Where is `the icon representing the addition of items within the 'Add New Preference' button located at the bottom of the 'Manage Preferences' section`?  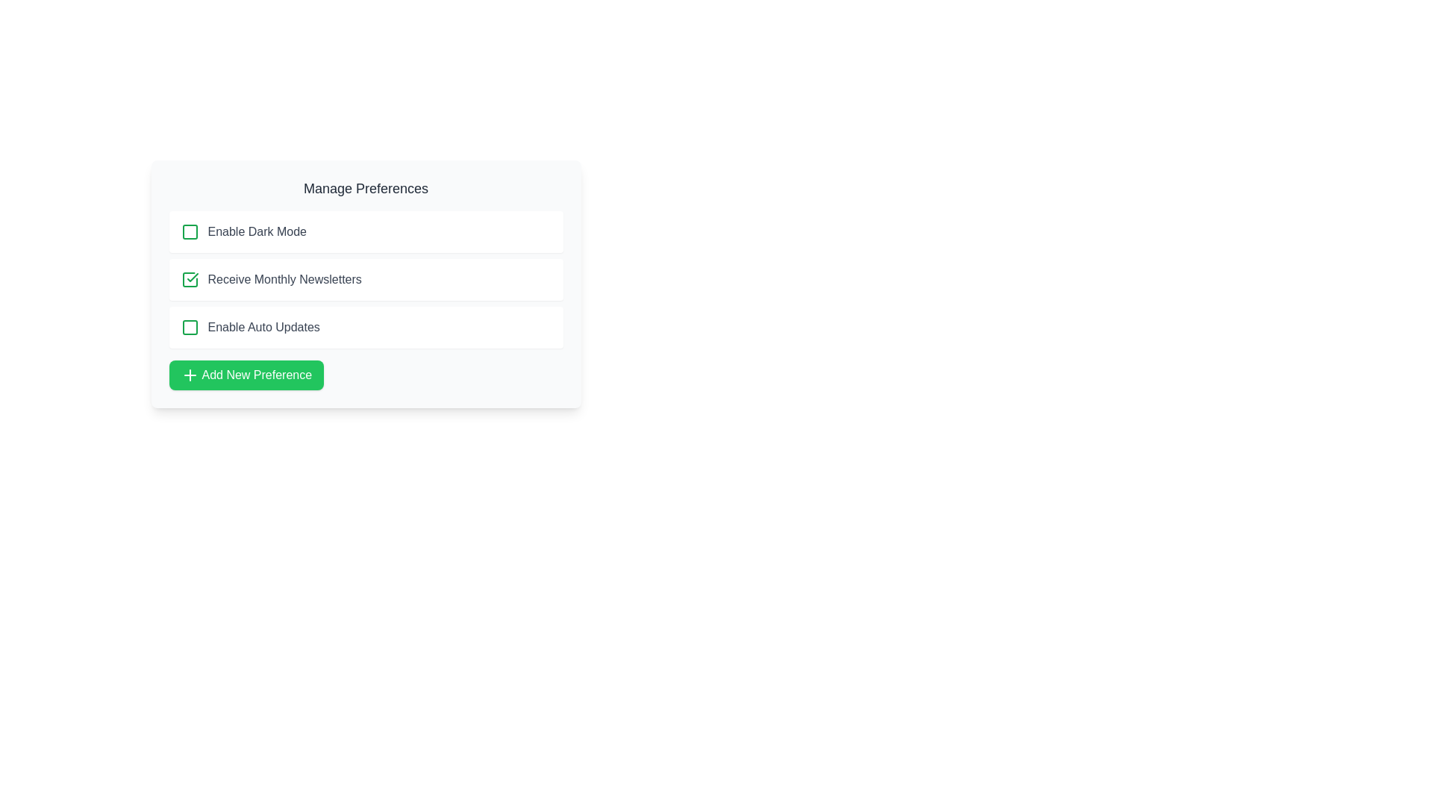
the icon representing the addition of items within the 'Add New Preference' button located at the bottom of the 'Manage Preferences' section is located at coordinates (189, 374).